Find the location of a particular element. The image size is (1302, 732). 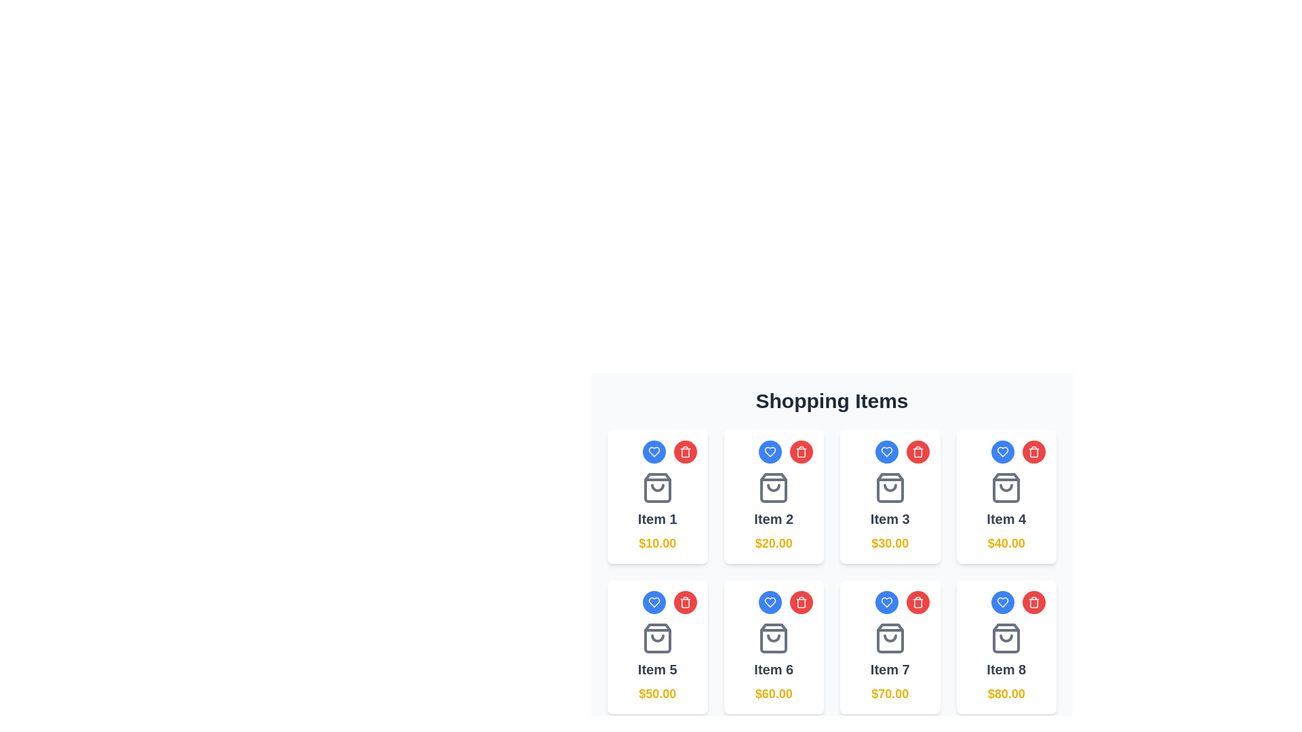

the circular red button with a trash can icon located at the bottom right of the card labeled 'Item 8' is located at coordinates (1033, 601).